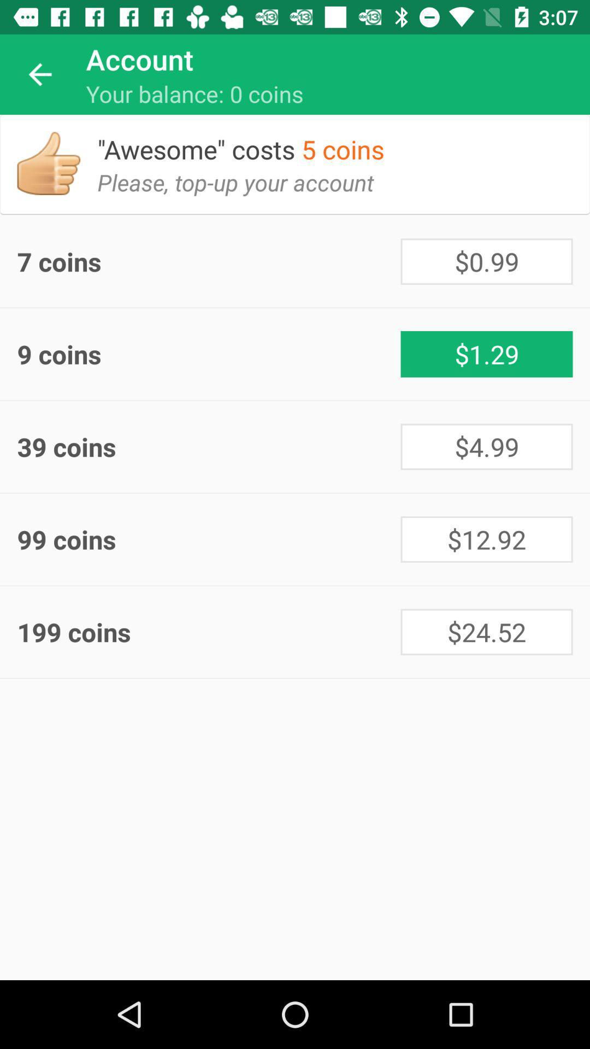 This screenshot has height=1049, width=590. Describe the element at coordinates (209, 446) in the screenshot. I see `the item above the 99 coins item` at that location.